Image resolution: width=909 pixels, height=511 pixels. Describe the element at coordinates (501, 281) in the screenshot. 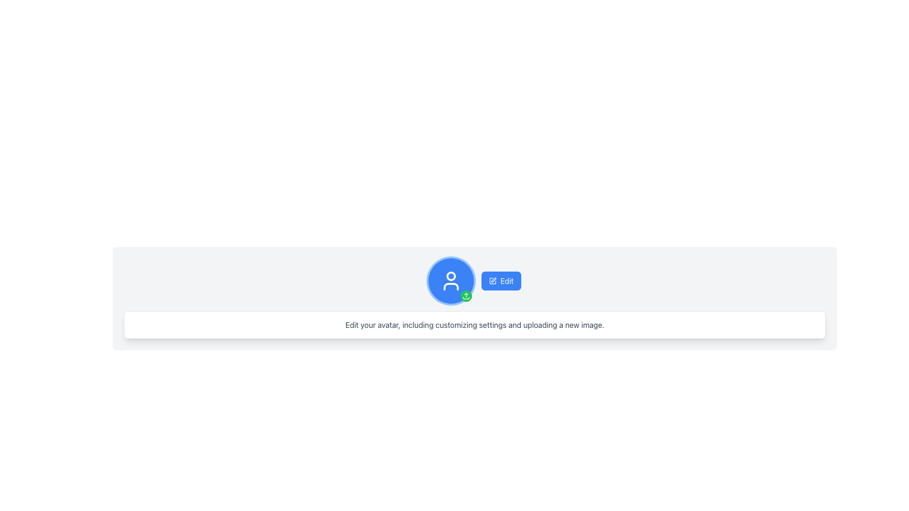

I see `the 'Edit' button, which is a rectangular button with a blue background and white text, located to the right of the avatar icon` at that location.